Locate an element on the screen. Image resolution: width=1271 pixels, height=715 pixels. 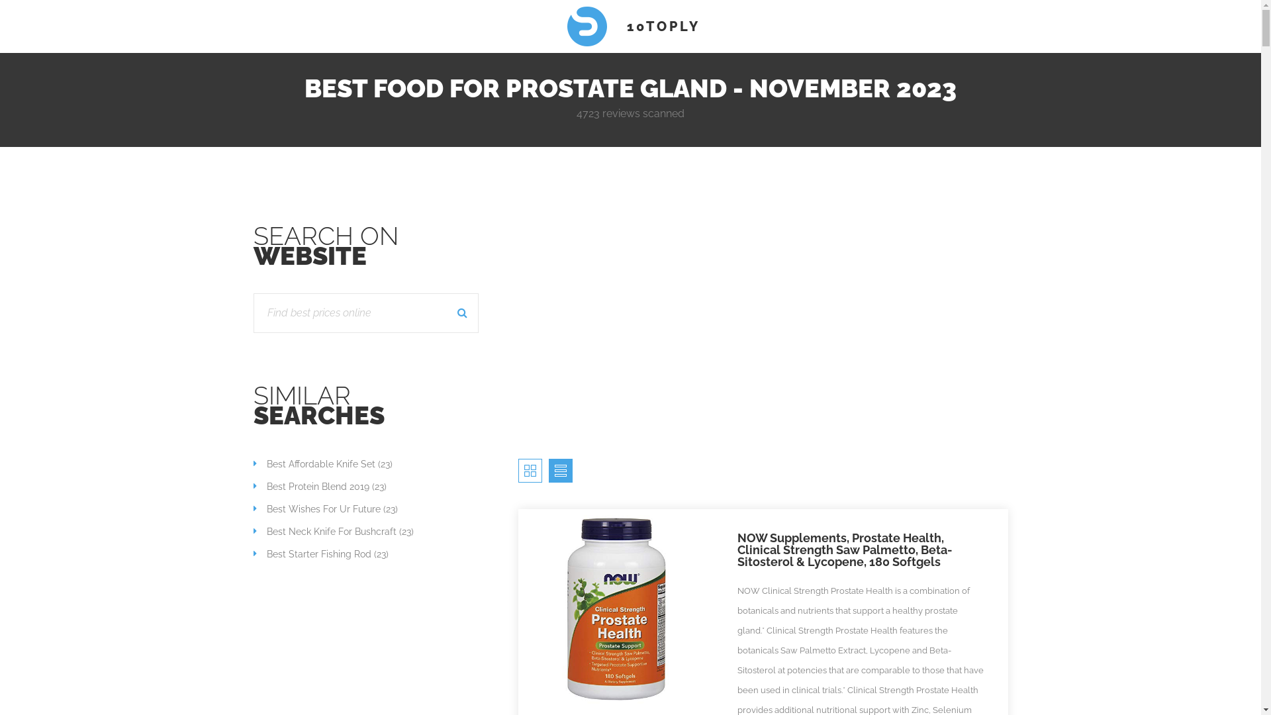
'SEARCH' is located at coordinates (463, 313).